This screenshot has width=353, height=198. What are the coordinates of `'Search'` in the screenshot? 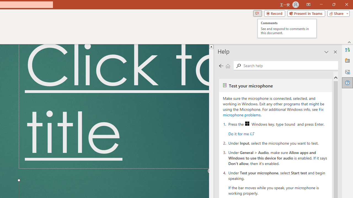 It's located at (289, 65).